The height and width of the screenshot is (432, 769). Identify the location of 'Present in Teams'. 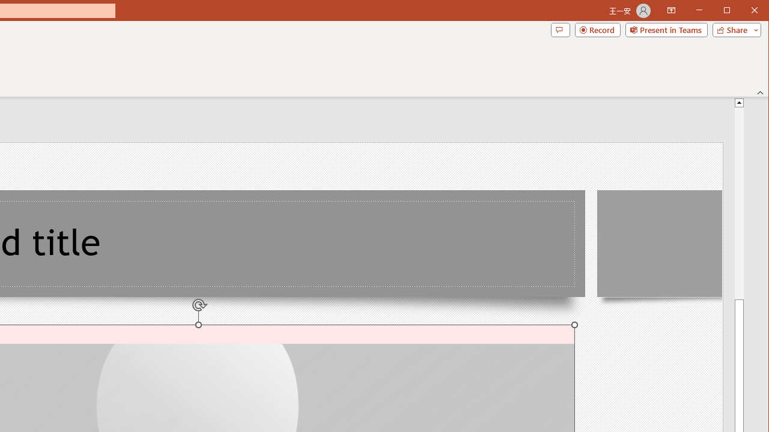
(666, 29).